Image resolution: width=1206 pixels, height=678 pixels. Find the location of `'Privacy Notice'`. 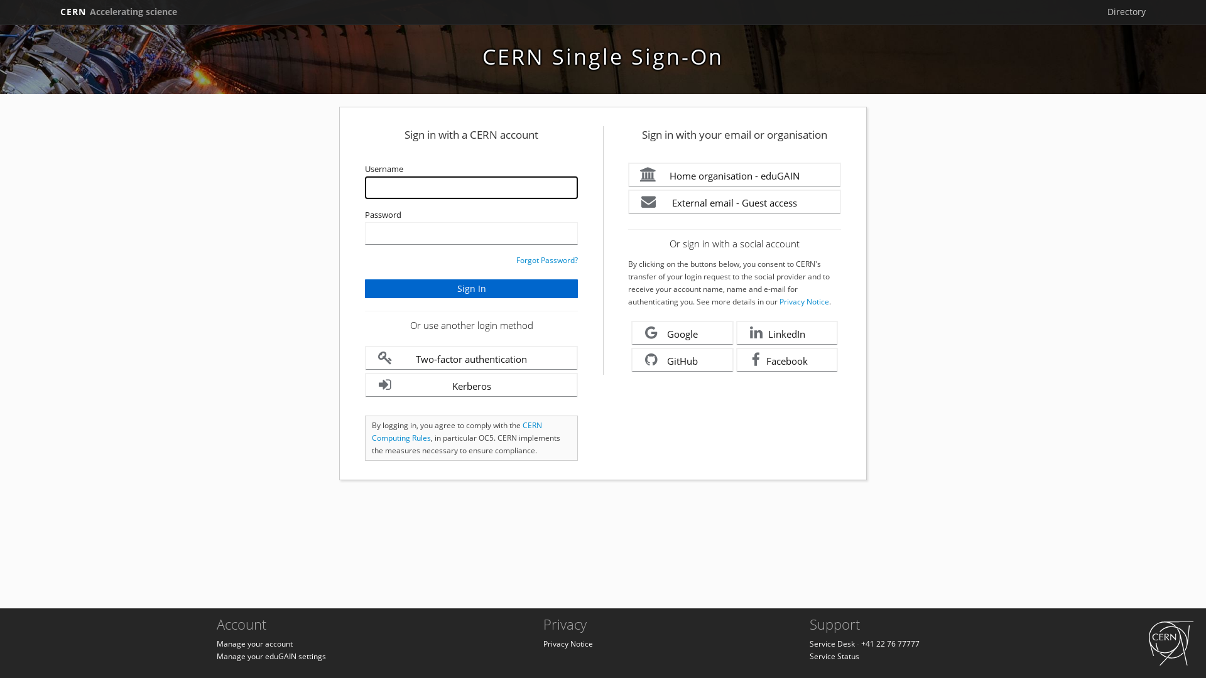

'Privacy Notice' is located at coordinates (567, 643).